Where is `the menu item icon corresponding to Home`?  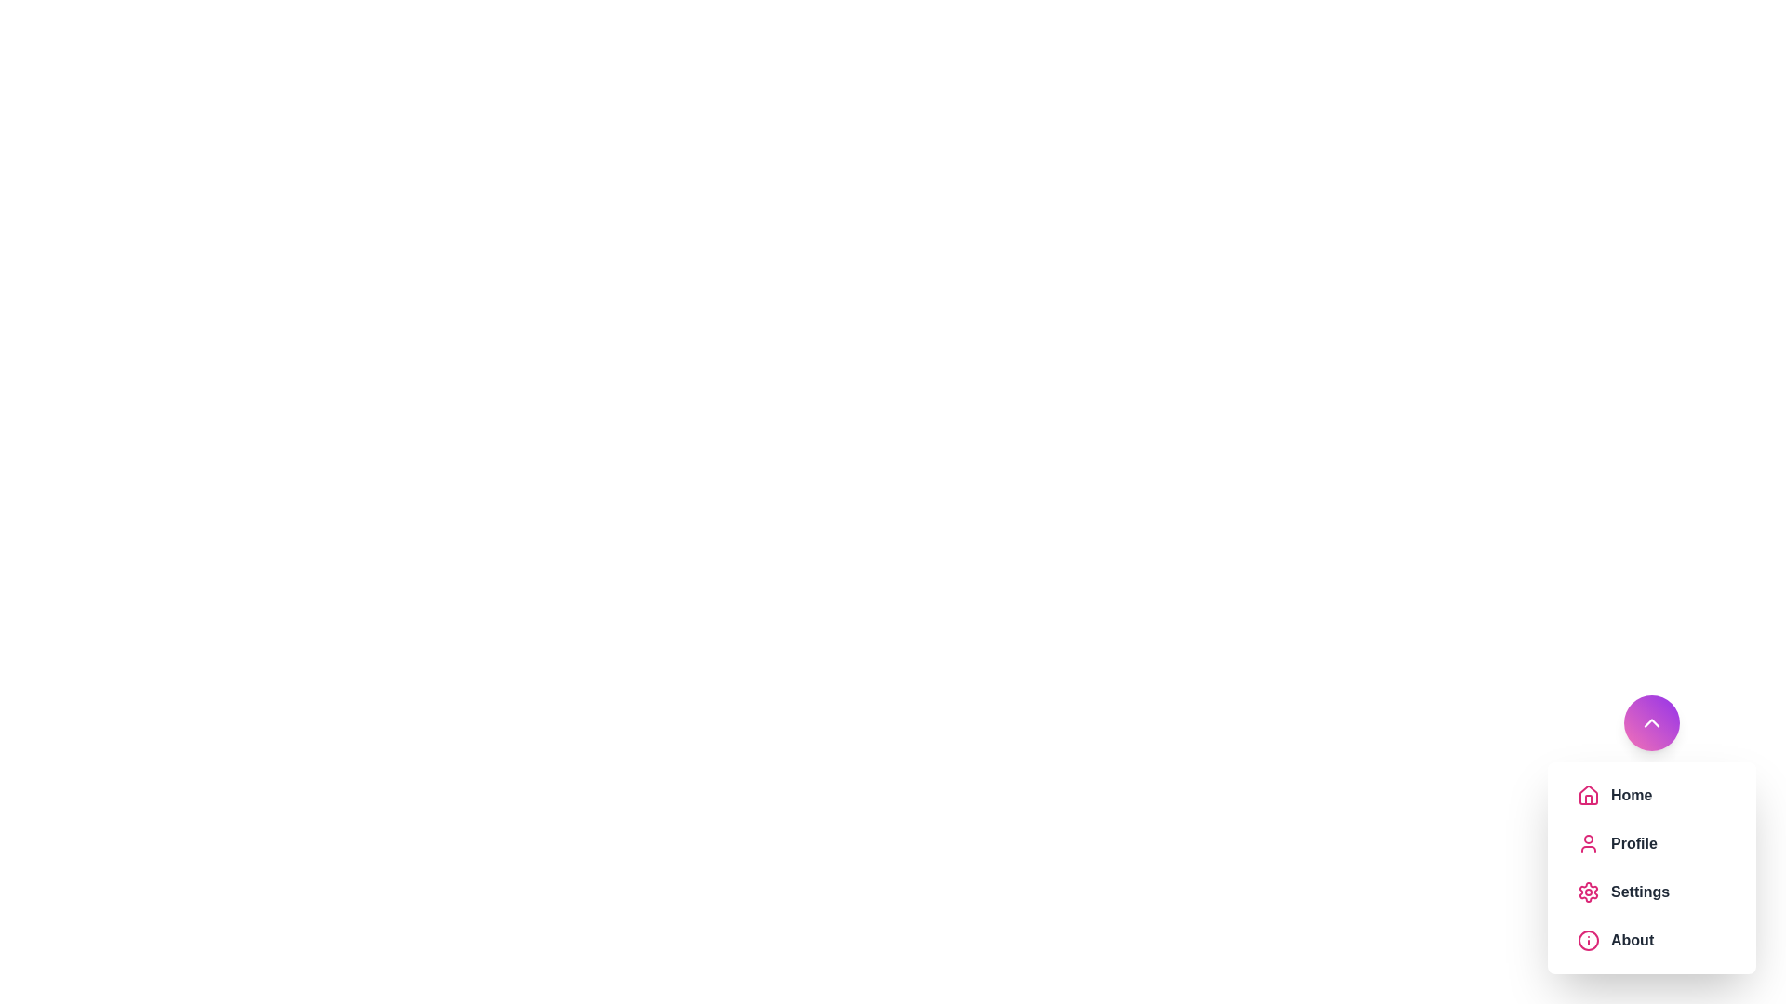
the menu item icon corresponding to Home is located at coordinates (1588, 795).